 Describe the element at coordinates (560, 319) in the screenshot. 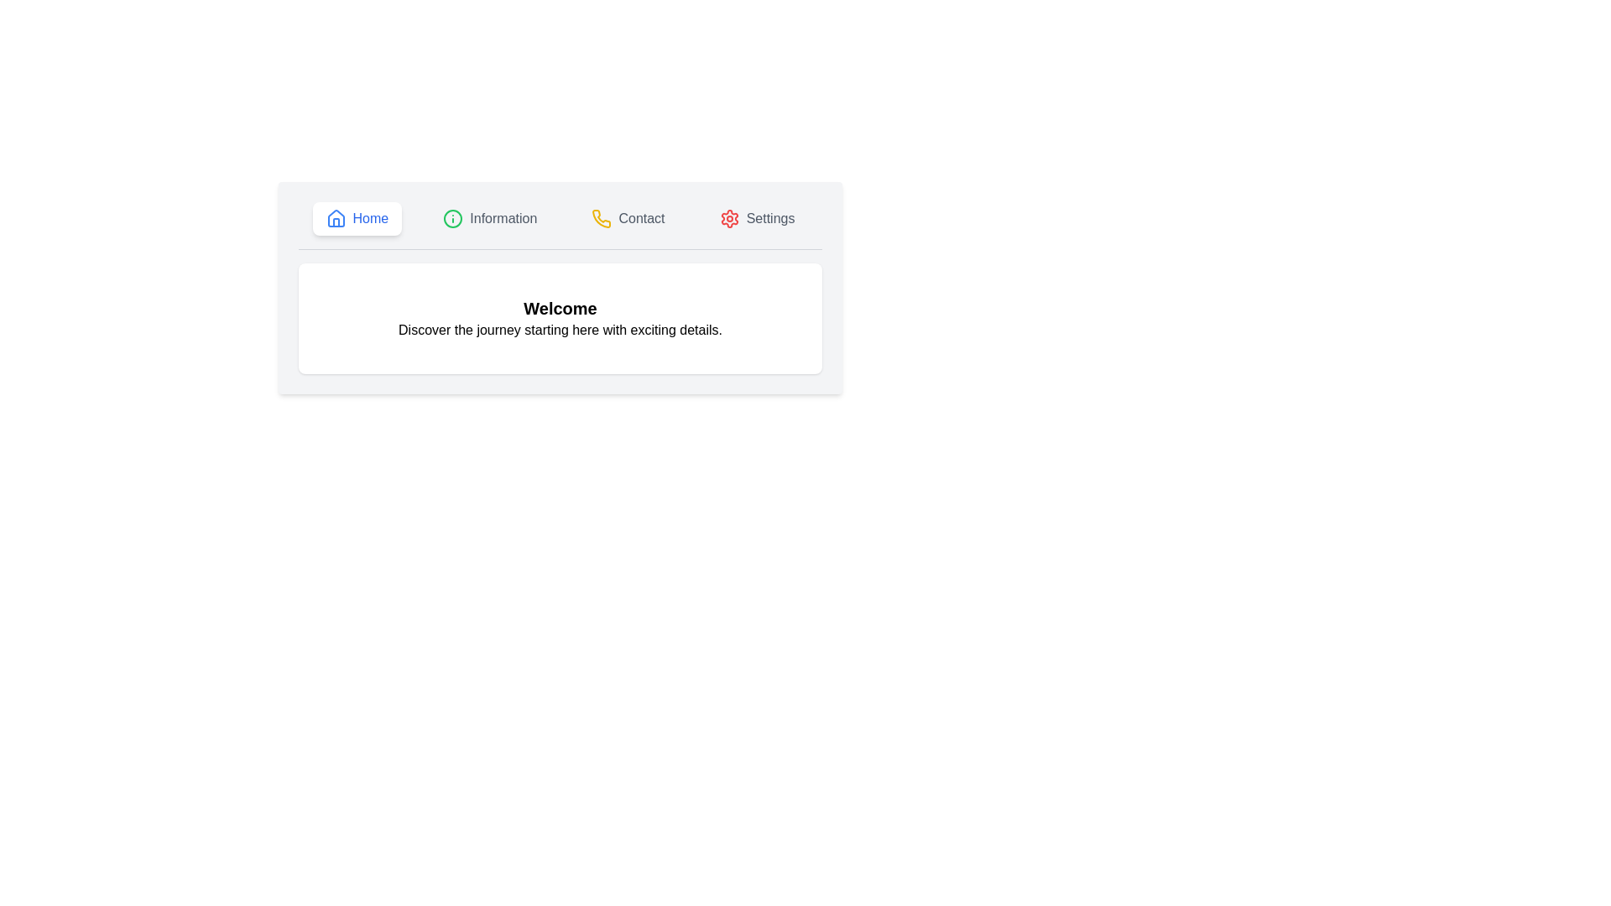

I see `welcoming message and additional information displayed in the text section located below the navigation bar` at that location.